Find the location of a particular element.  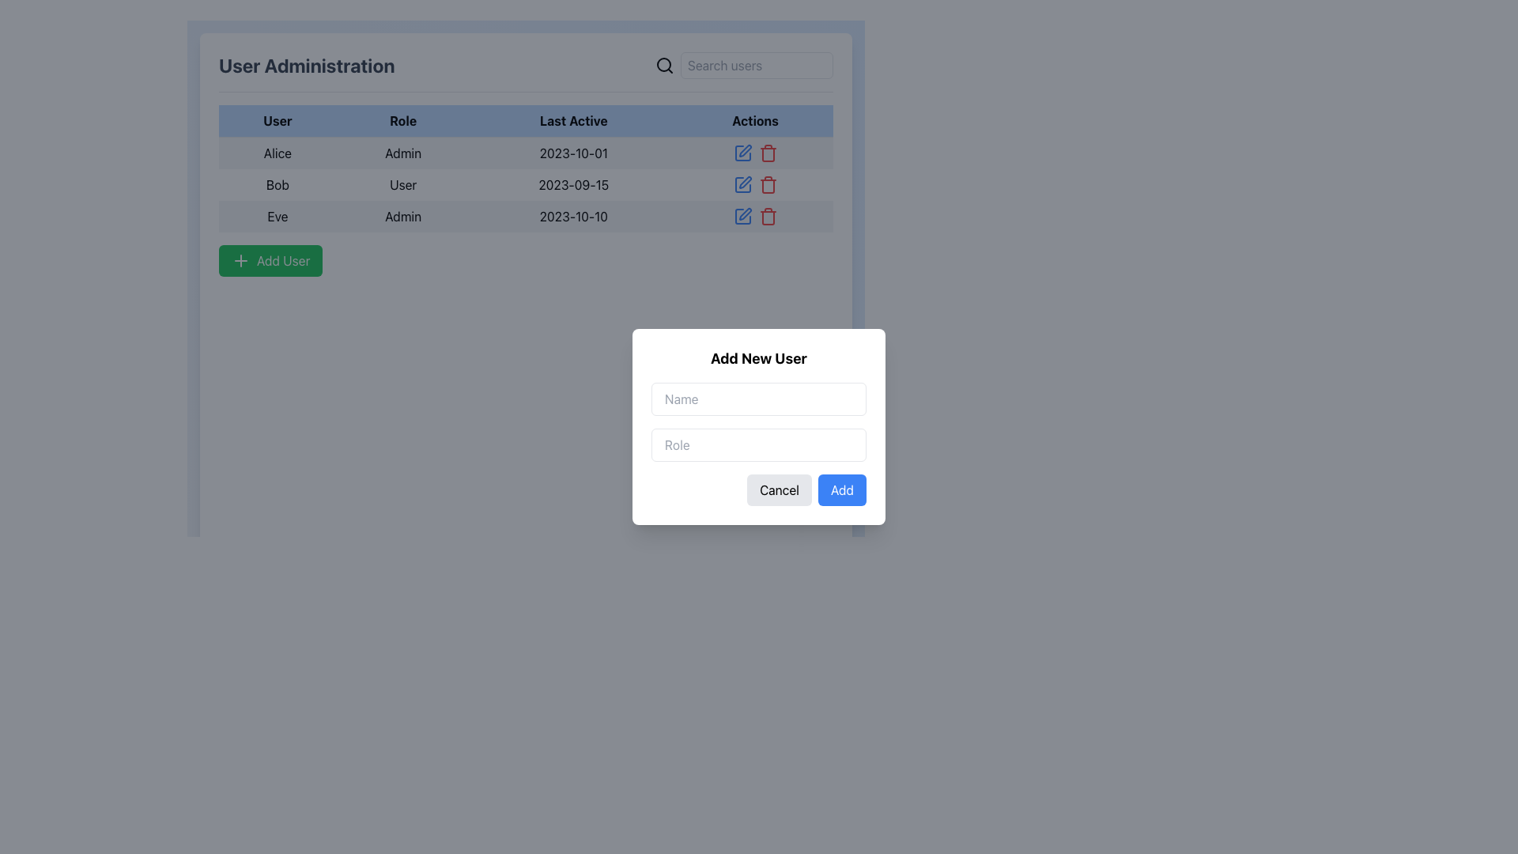

the edit icon button in the 'Actions' column of the user table for the entry labeled 'Eve' is located at coordinates (744, 213).